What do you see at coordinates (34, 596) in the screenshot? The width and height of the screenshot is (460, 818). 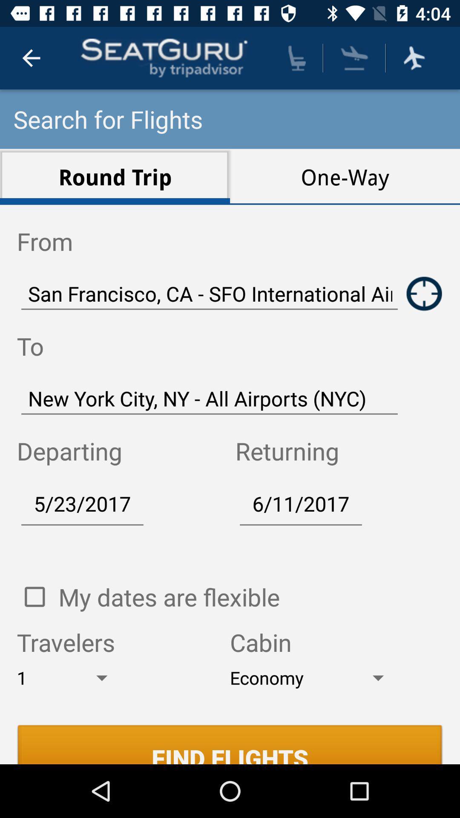 I see `the item to the left of the my dates are` at bounding box center [34, 596].